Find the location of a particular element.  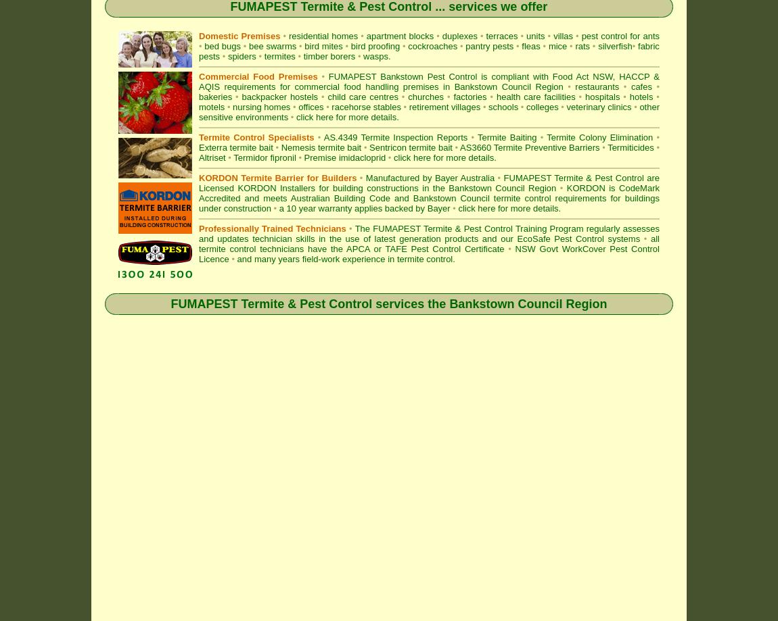

'Termite Colony Elimination' is located at coordinates (599, 137).